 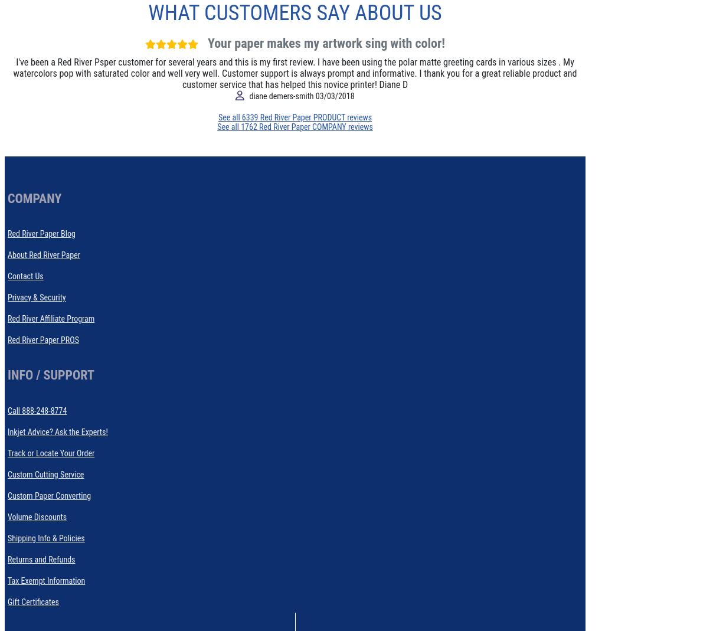 I want to click on 'See all 1762 Red River Paper COMPANY reviews', so click(x=295, y=126).